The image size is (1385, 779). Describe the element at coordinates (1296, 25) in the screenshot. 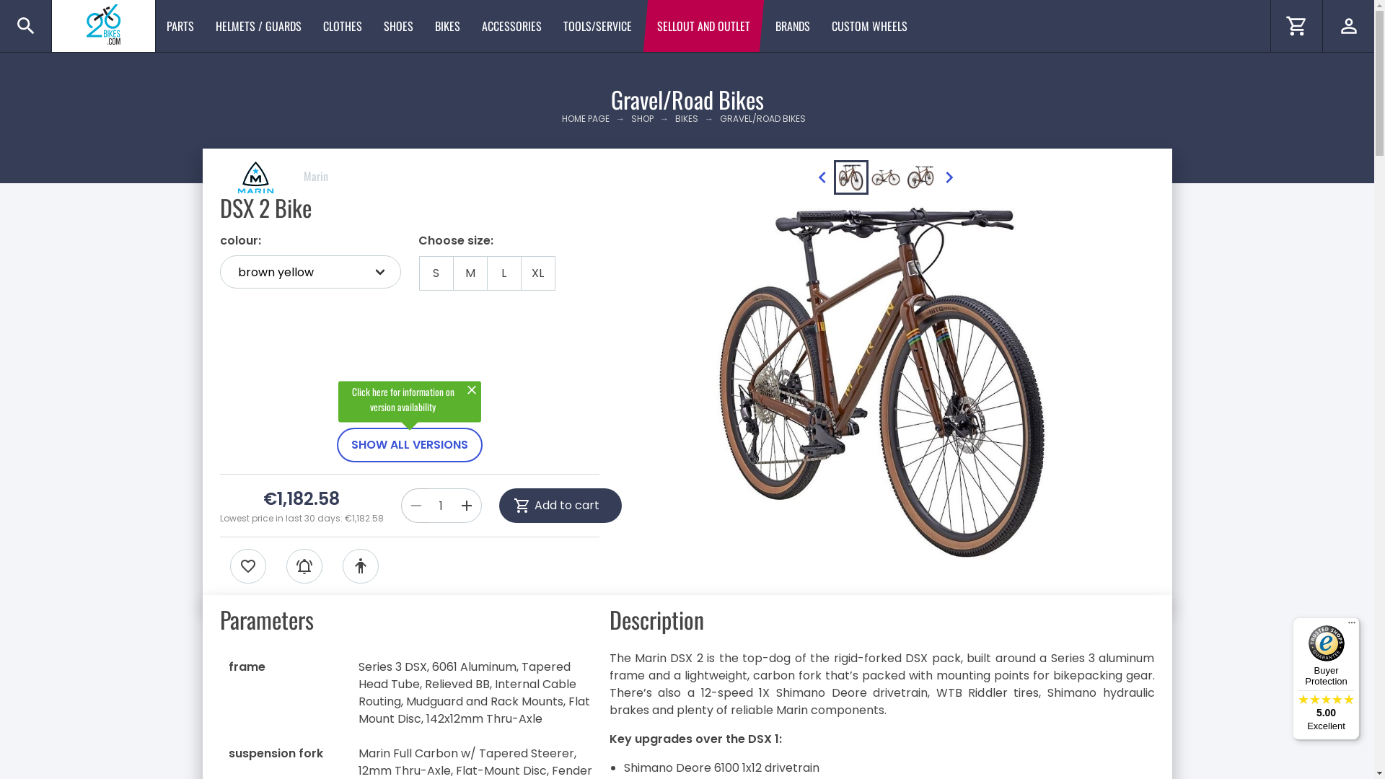

I see `'Cart'` at that location.